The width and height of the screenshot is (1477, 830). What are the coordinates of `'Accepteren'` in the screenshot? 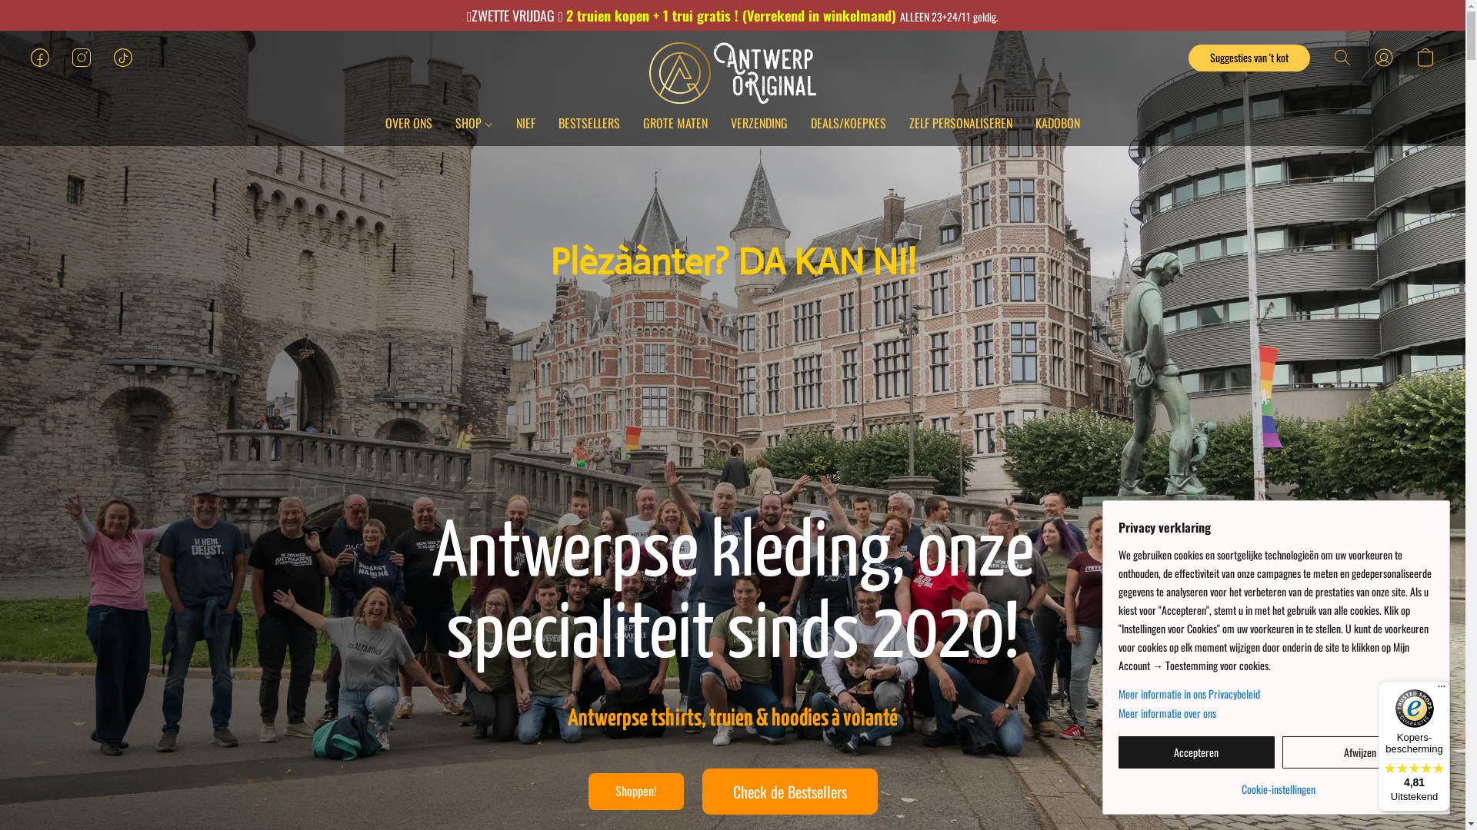 It's located at (1195, 752).